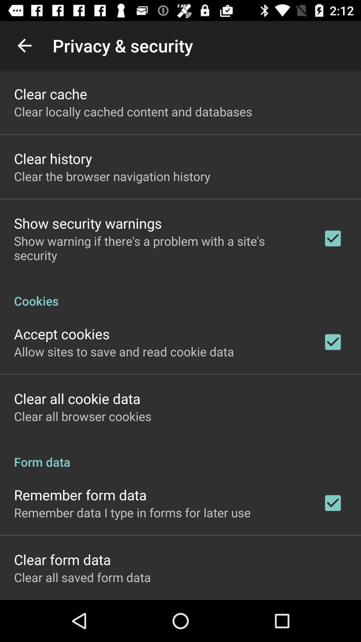 This screenshot has height=642, width=361. What do you see at coordinates (124, 351) in the screenshot?
I see `app below accept cookies item` at bounding box center [124, 351].